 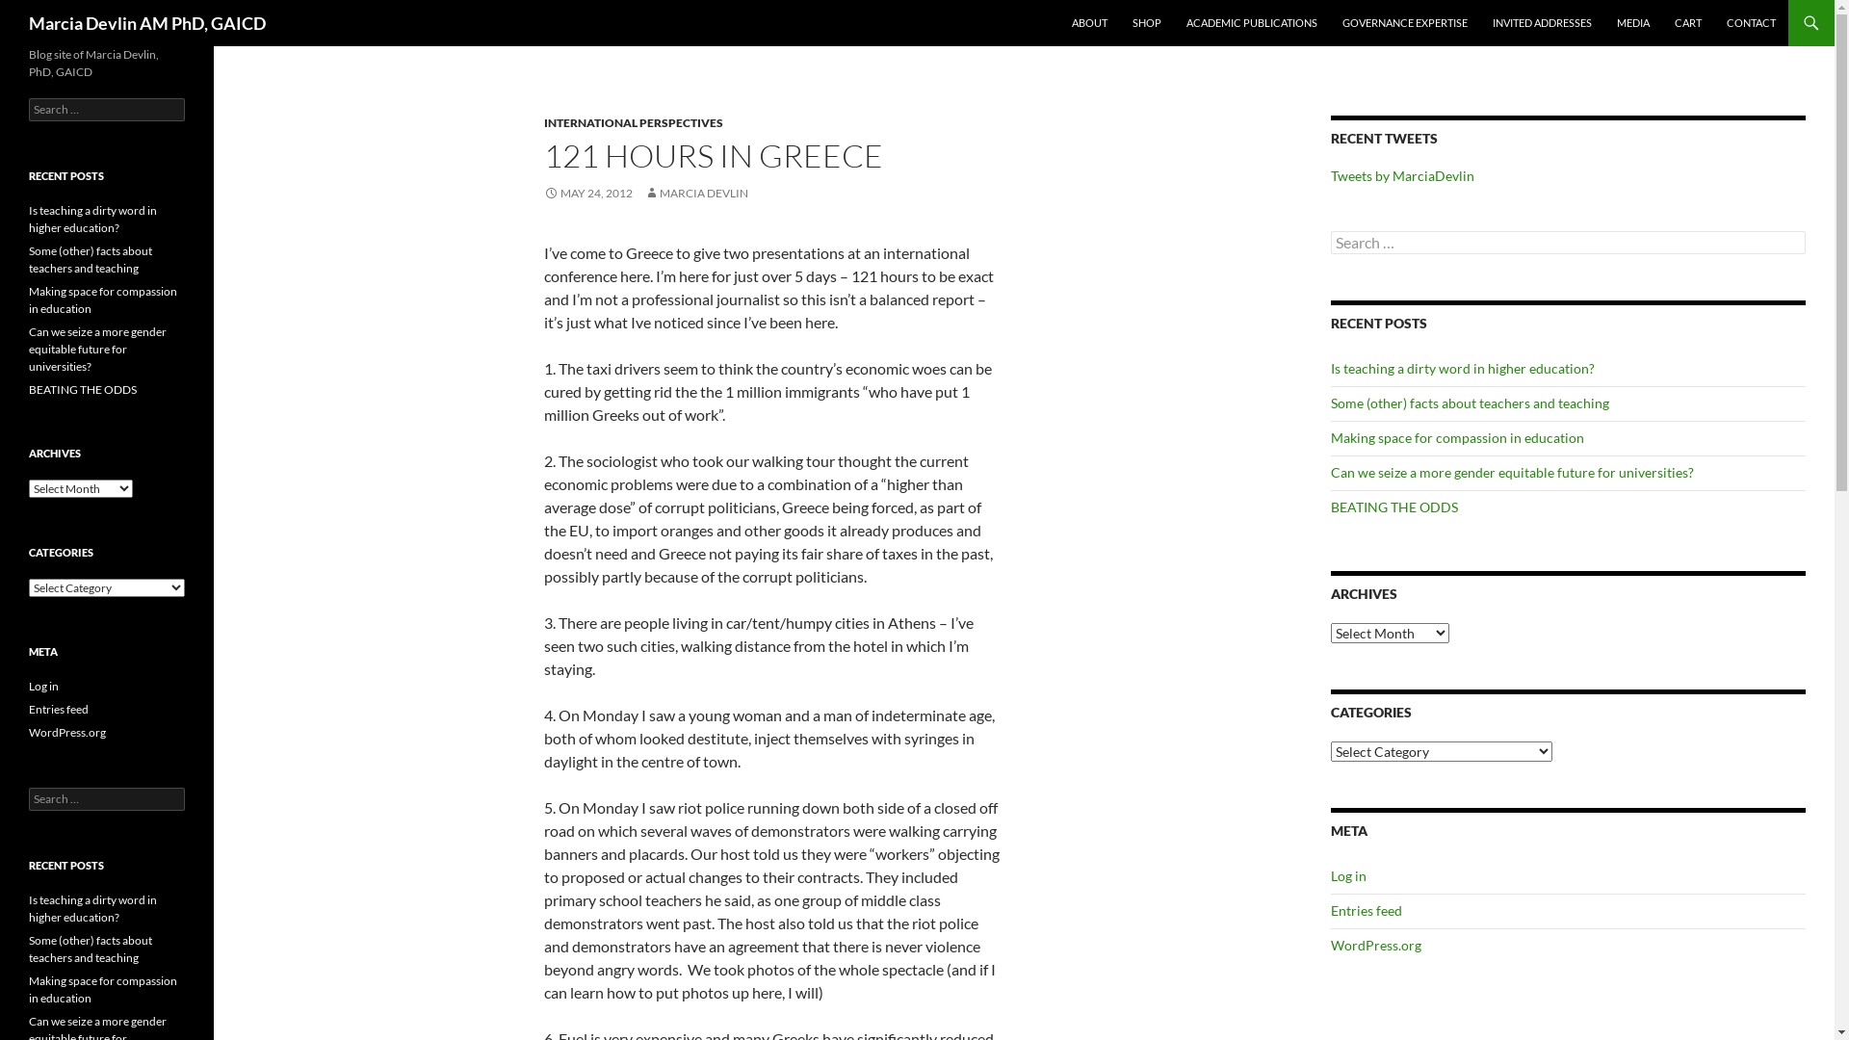 I want to click on 'CONTACT', so click(x=1751, y=22).